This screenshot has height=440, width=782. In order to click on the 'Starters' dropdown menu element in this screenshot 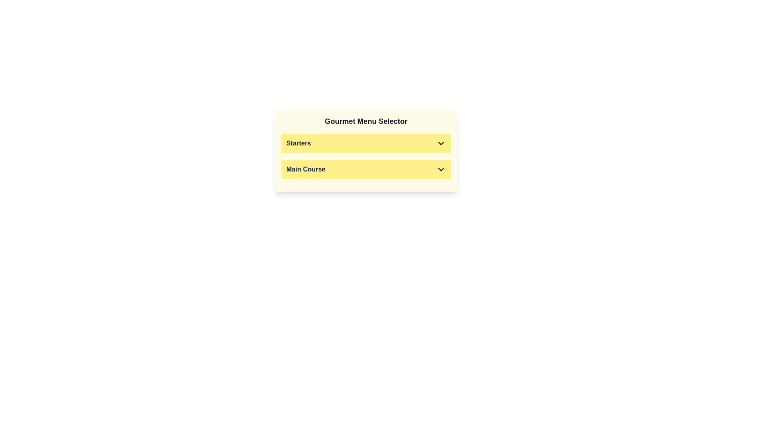, I will do `click(365, 143)`.